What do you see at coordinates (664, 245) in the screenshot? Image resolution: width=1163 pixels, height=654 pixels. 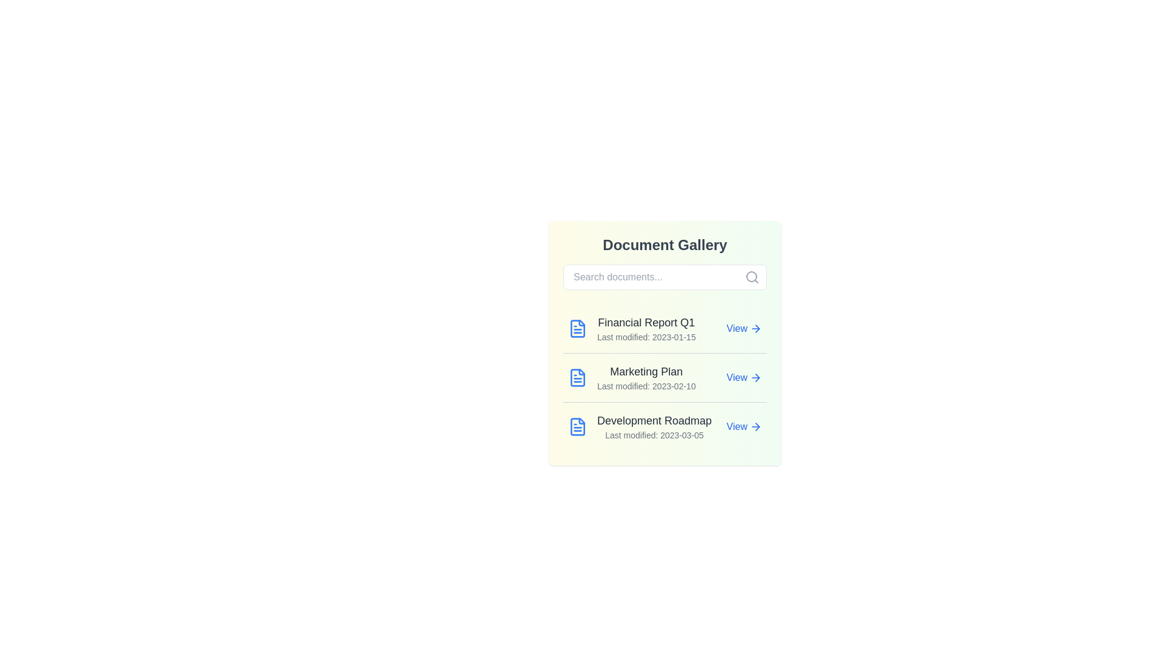 I see `the 'Document Gallery' heading to inspect it` at bounding box center [664, 245].